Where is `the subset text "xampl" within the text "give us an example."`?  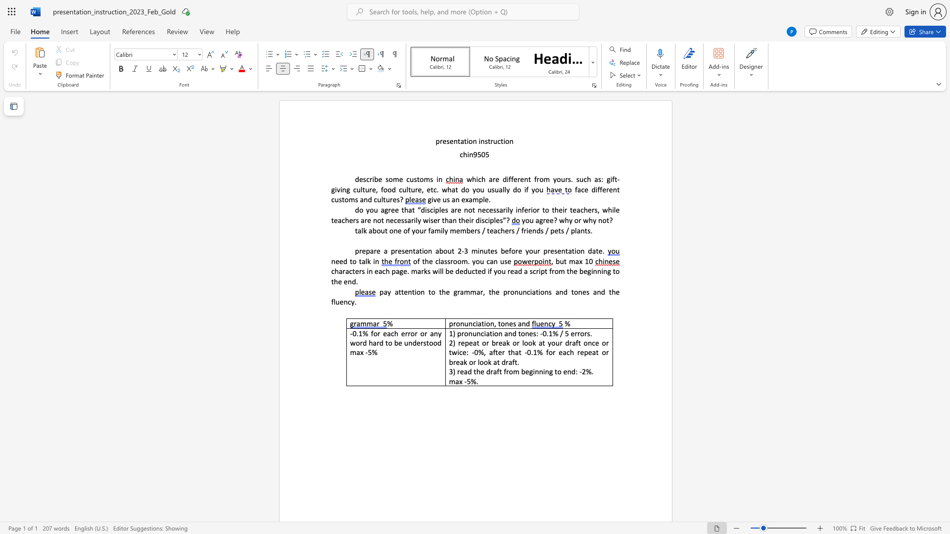 the subset text "xampl" within the text "give us an example." is located at coordinates (465, 199).